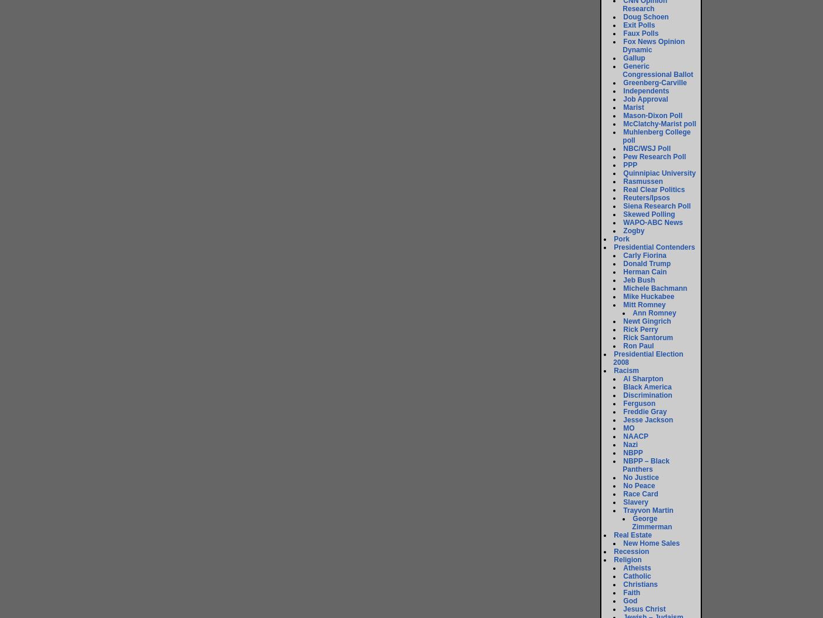 The width and height of the screenshot is (823, 618). Describe the element at coordinates (657, 135) in the screenshot. I see `'Muhlenberg College poll'` at that location.